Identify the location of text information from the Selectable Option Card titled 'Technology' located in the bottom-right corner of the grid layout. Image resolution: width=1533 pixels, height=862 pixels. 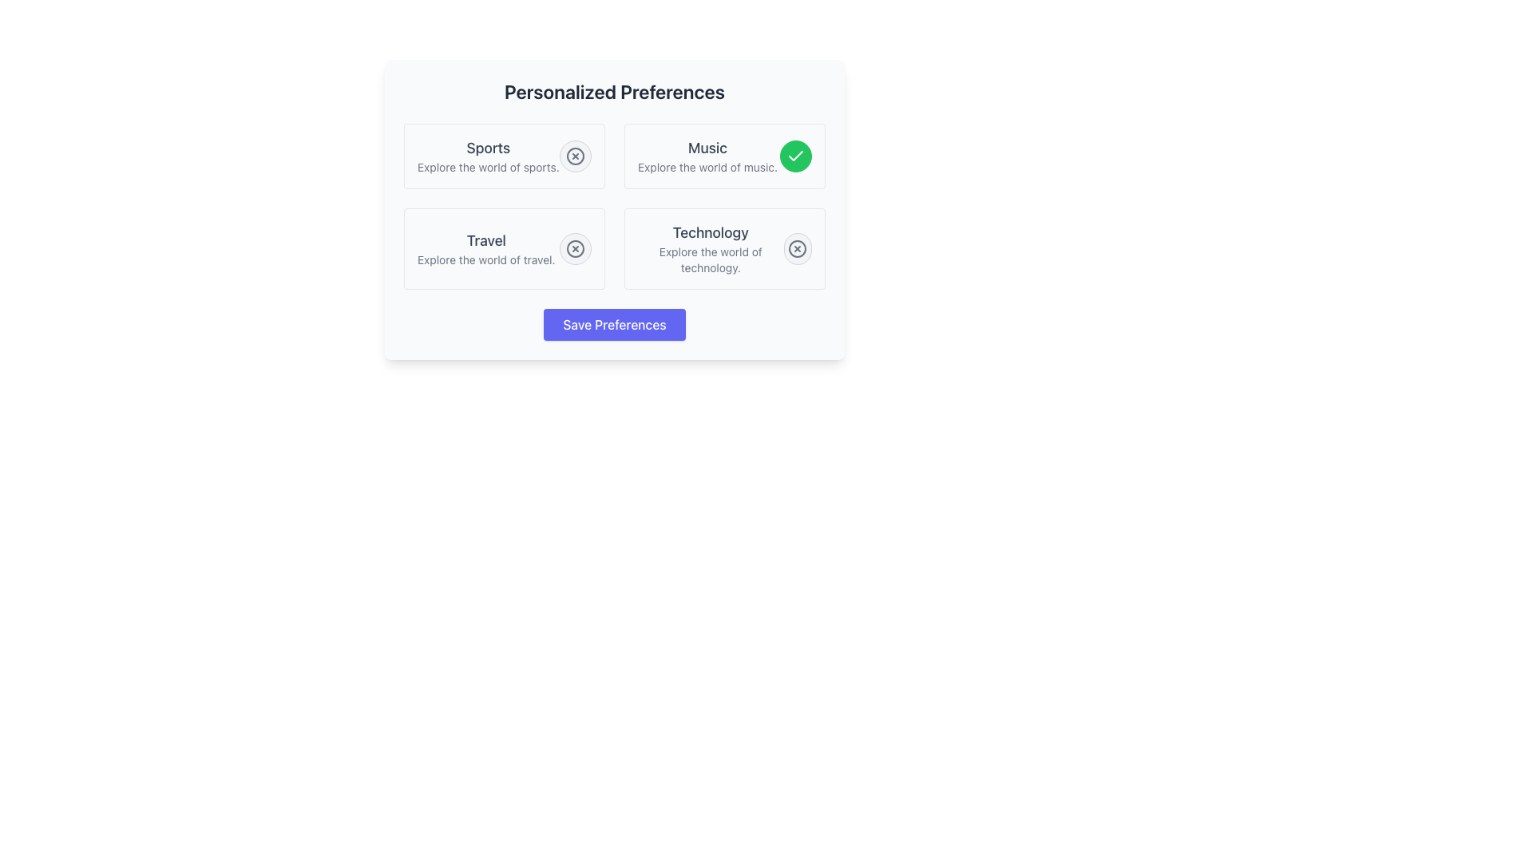
(723, 249).